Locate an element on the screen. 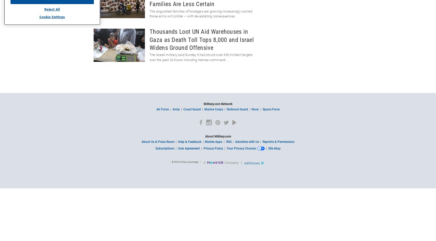 The image size is (436, 241). 'The anguished families of hostages are growing increasingly worried those aims will collide — with devastating consequences.' is located at coordinates (201, 13).